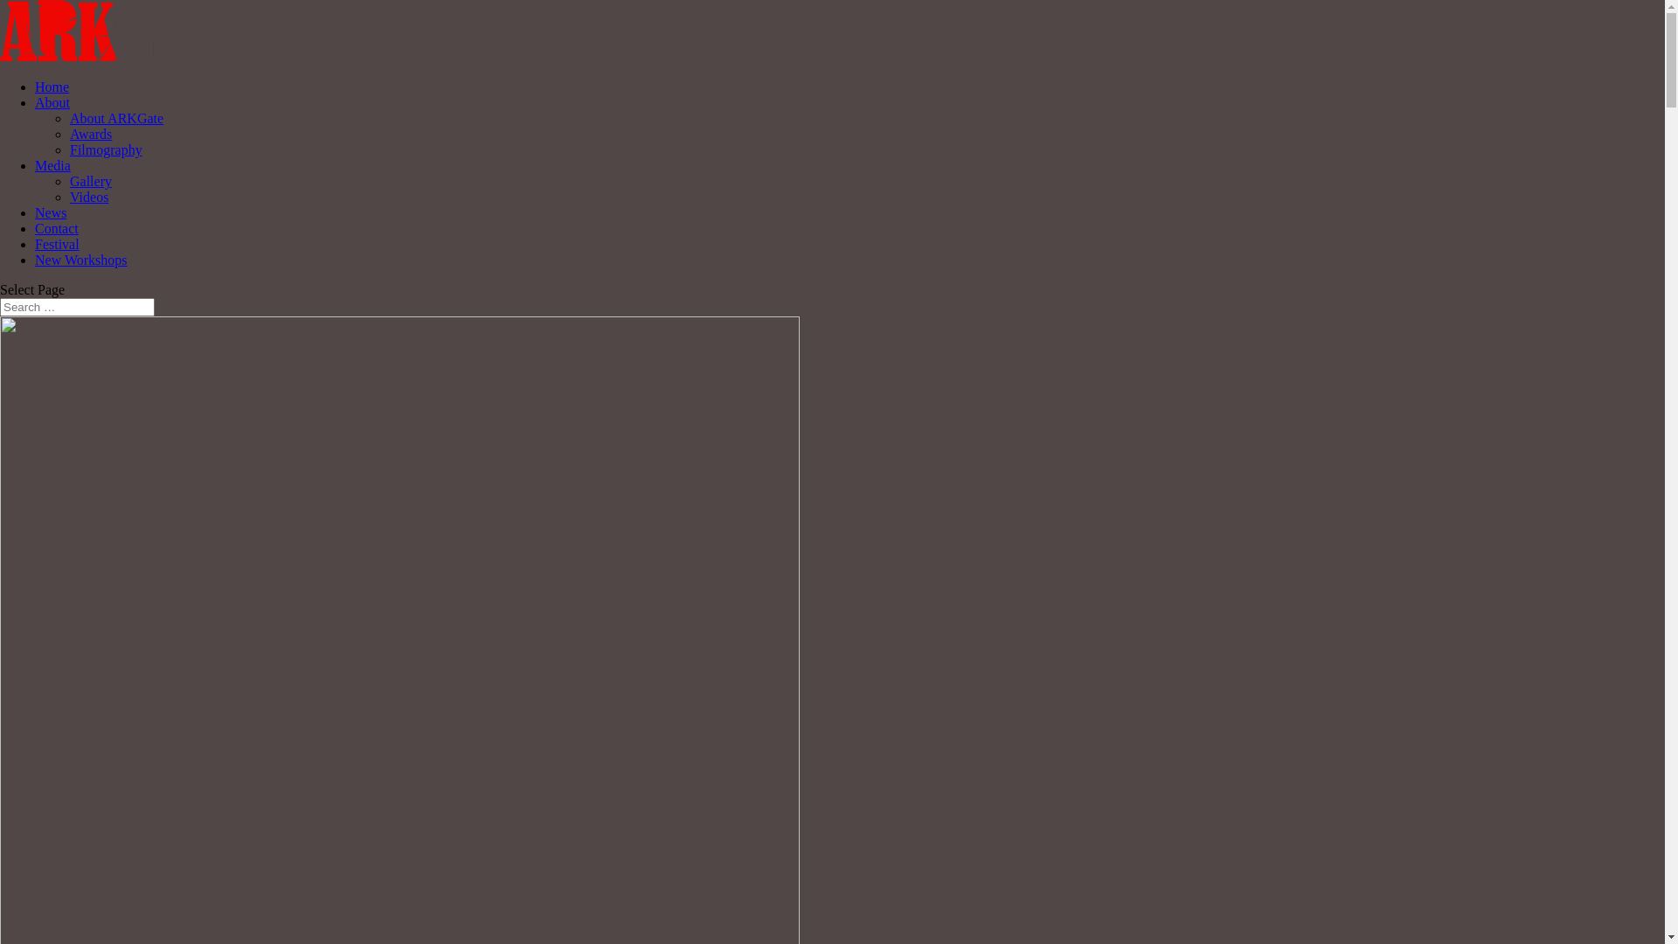 The height and width of the screenshot is (944, 1678). I want to click on 'Filmography', so click(105, 149).